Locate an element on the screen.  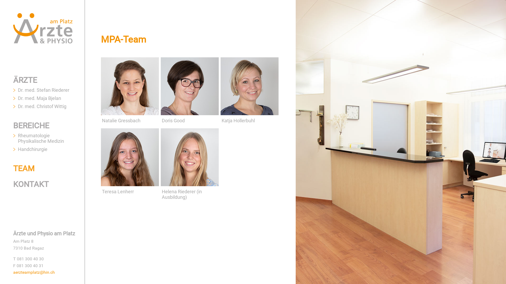
'Rheumatologie is located at coordinates (41, 138).